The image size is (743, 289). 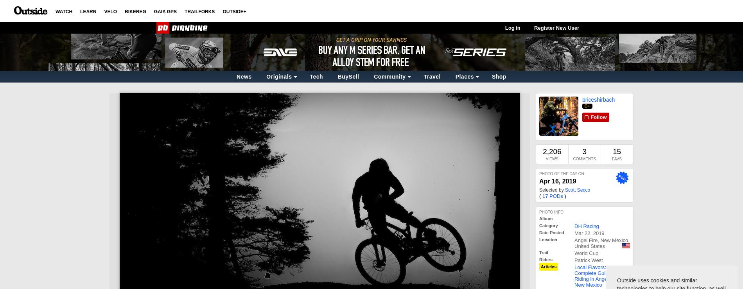 I want to click on 'News', so click(x=244, y=76).